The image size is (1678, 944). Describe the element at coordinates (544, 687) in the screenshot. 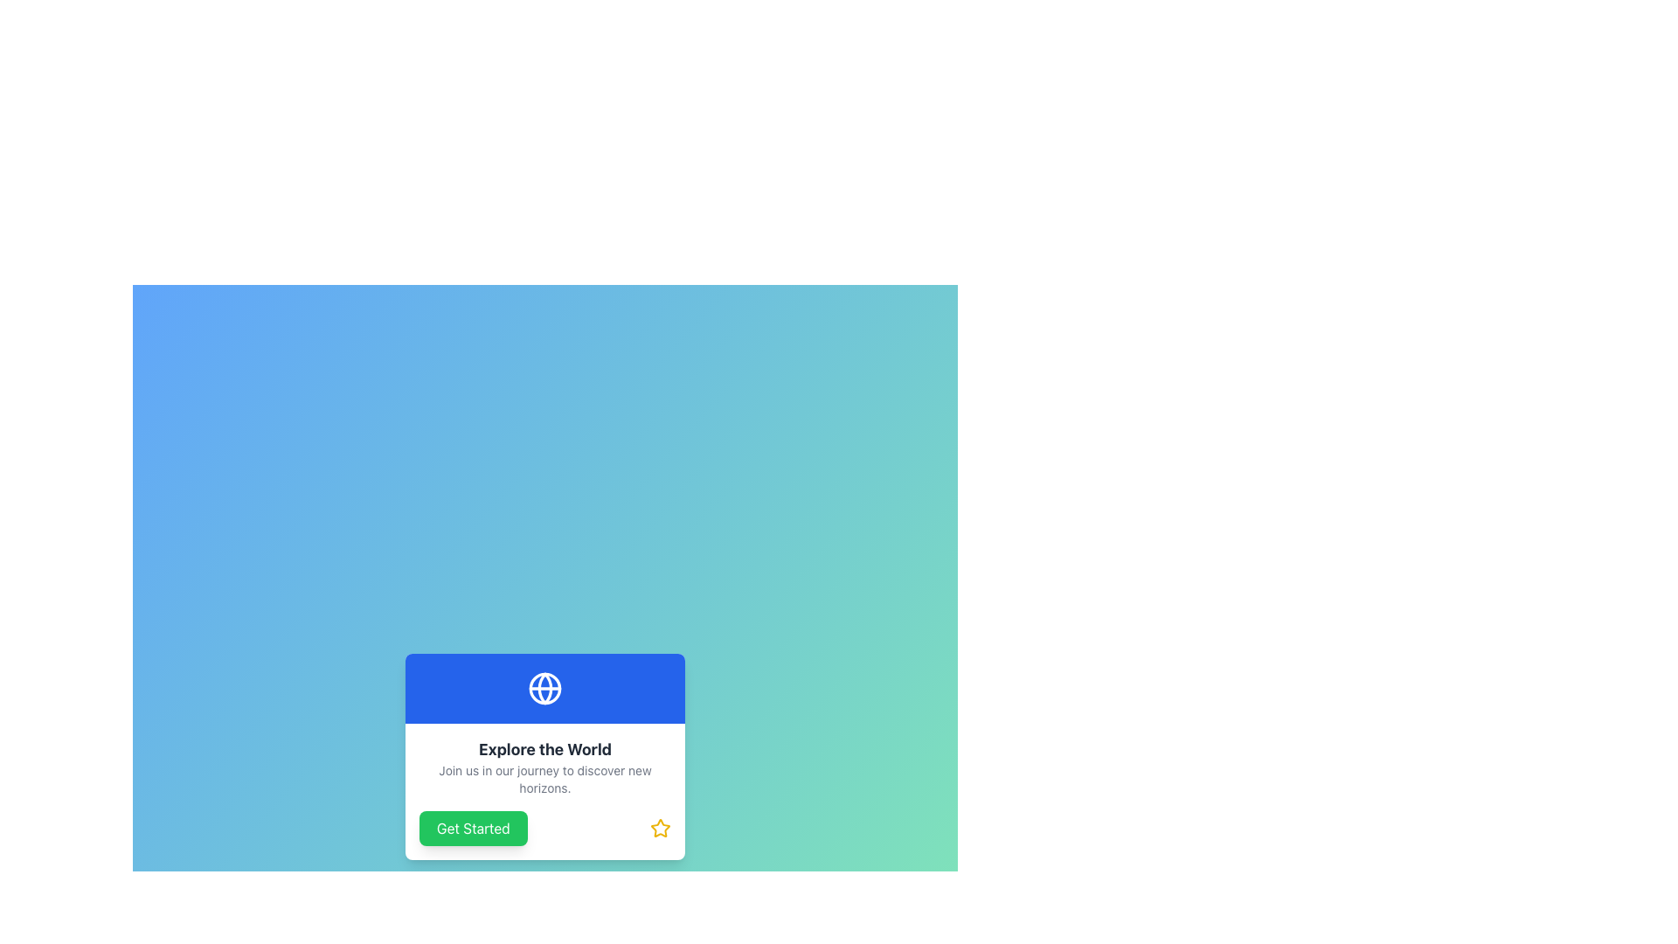

I see `the globe-like icon with a circular outline located in the blue header section of the card interface, situated above the title text 'Explore the World'` at that location.